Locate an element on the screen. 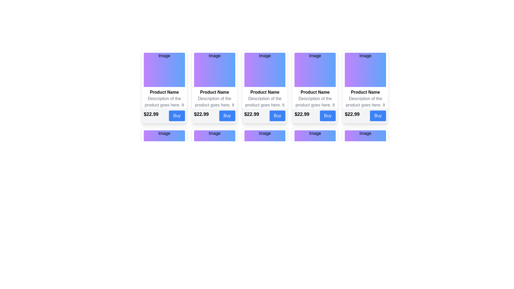 Image resolution: width=514 pixels, height=289 pixels. the blue rectangular button with rounded corners that reads 'Buy' to activate its hover effect is located at coordinates (227, 115).